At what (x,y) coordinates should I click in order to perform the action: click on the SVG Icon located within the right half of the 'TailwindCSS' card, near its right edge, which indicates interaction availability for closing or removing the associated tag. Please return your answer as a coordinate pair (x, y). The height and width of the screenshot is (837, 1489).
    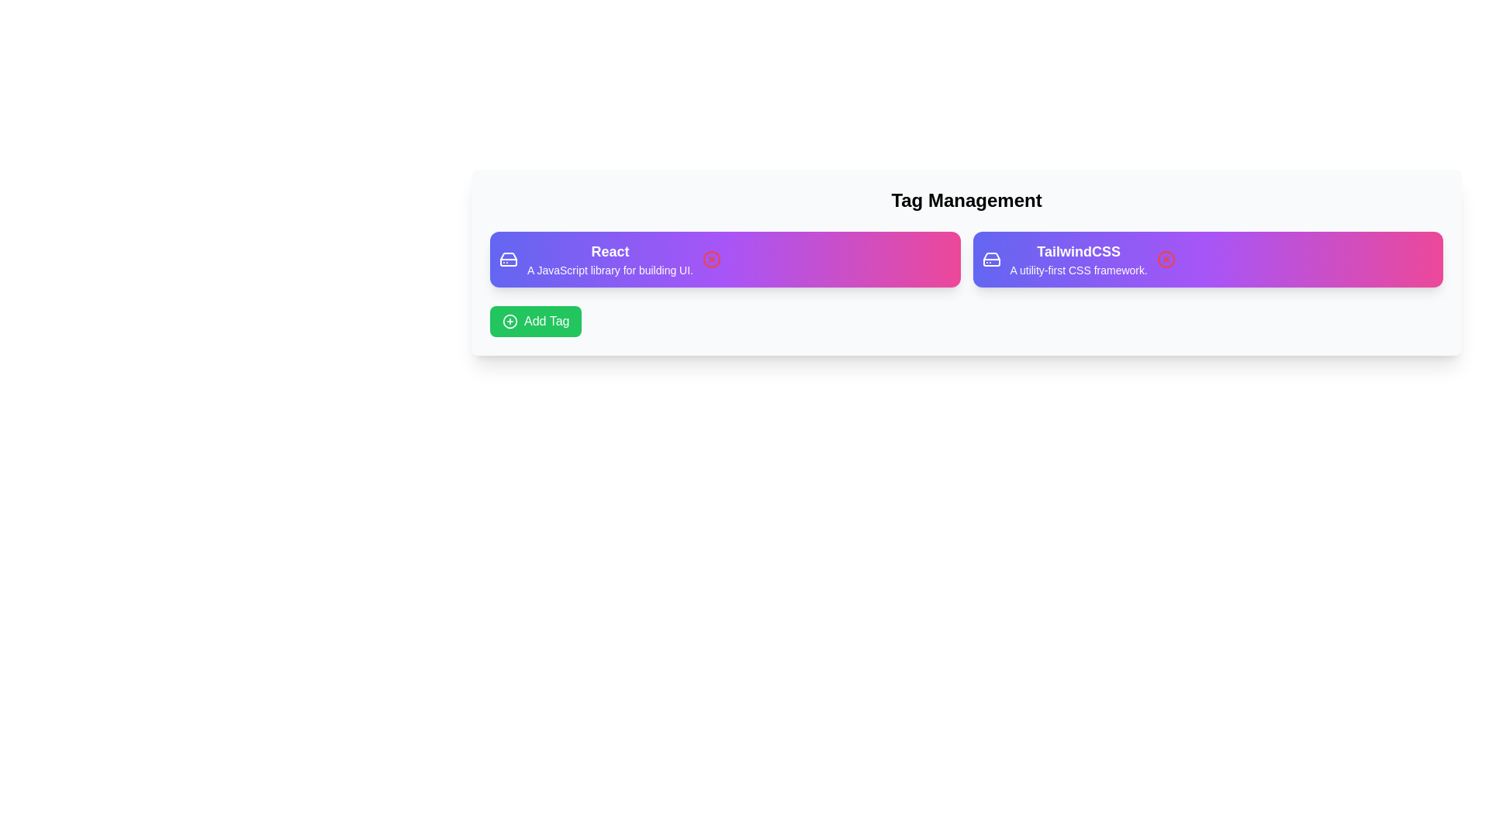
    Looking at the image, I should click on (1166, 259).